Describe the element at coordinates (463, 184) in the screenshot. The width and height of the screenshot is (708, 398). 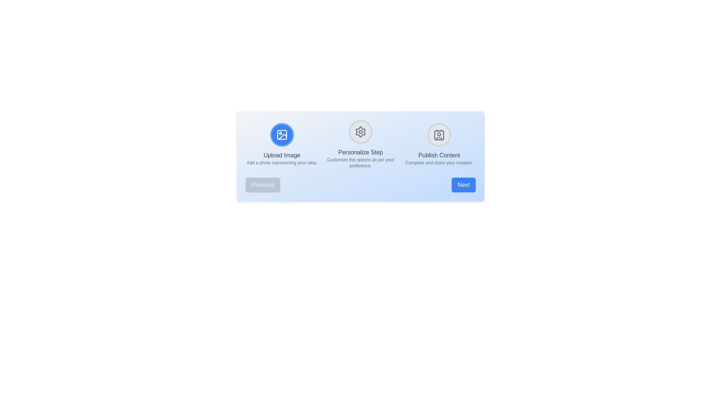
I see `'Next' button to navigate to the next step` at that location.